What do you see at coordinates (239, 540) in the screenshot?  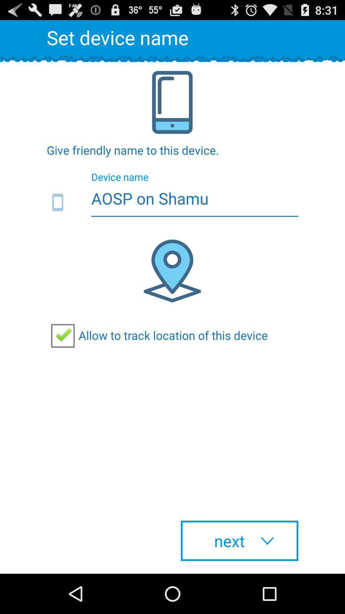 I see `the next button` at bounding box center [239, 540].